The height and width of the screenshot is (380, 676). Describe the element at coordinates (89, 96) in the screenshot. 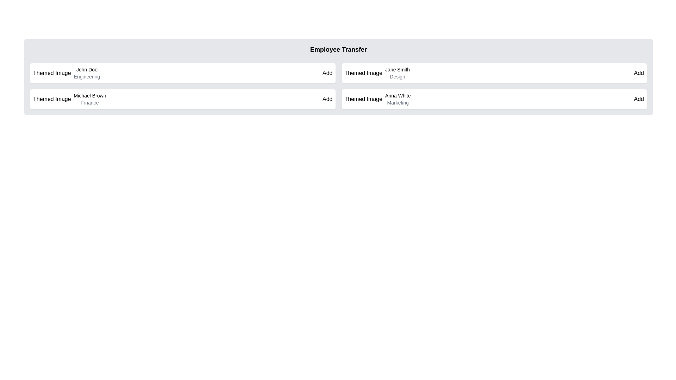

I see `the Text Label displaying 'Michael Brown', which identifies the individual associated with the 'Finance' field in the employee list` at that location.